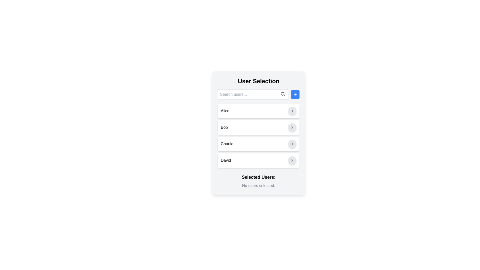 The height and width of the screenshot is (270, 480). I want to click on the right-pointing chevron icon within the circular button next to the 'Bob' entry, so click(292, 127).